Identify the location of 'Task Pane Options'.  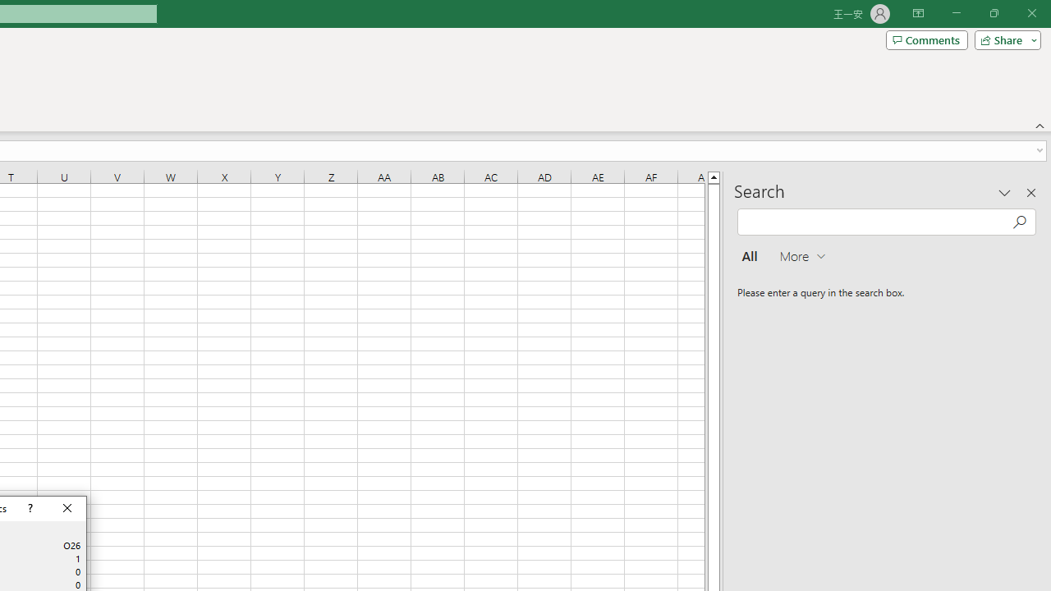
(1004, 192).